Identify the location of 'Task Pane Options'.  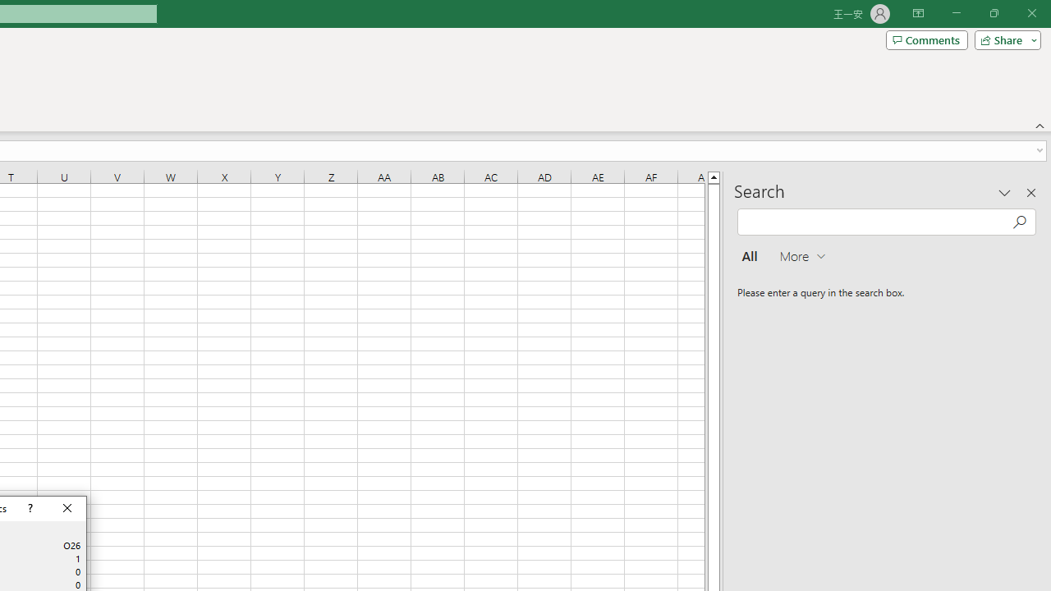
(1004, 192).